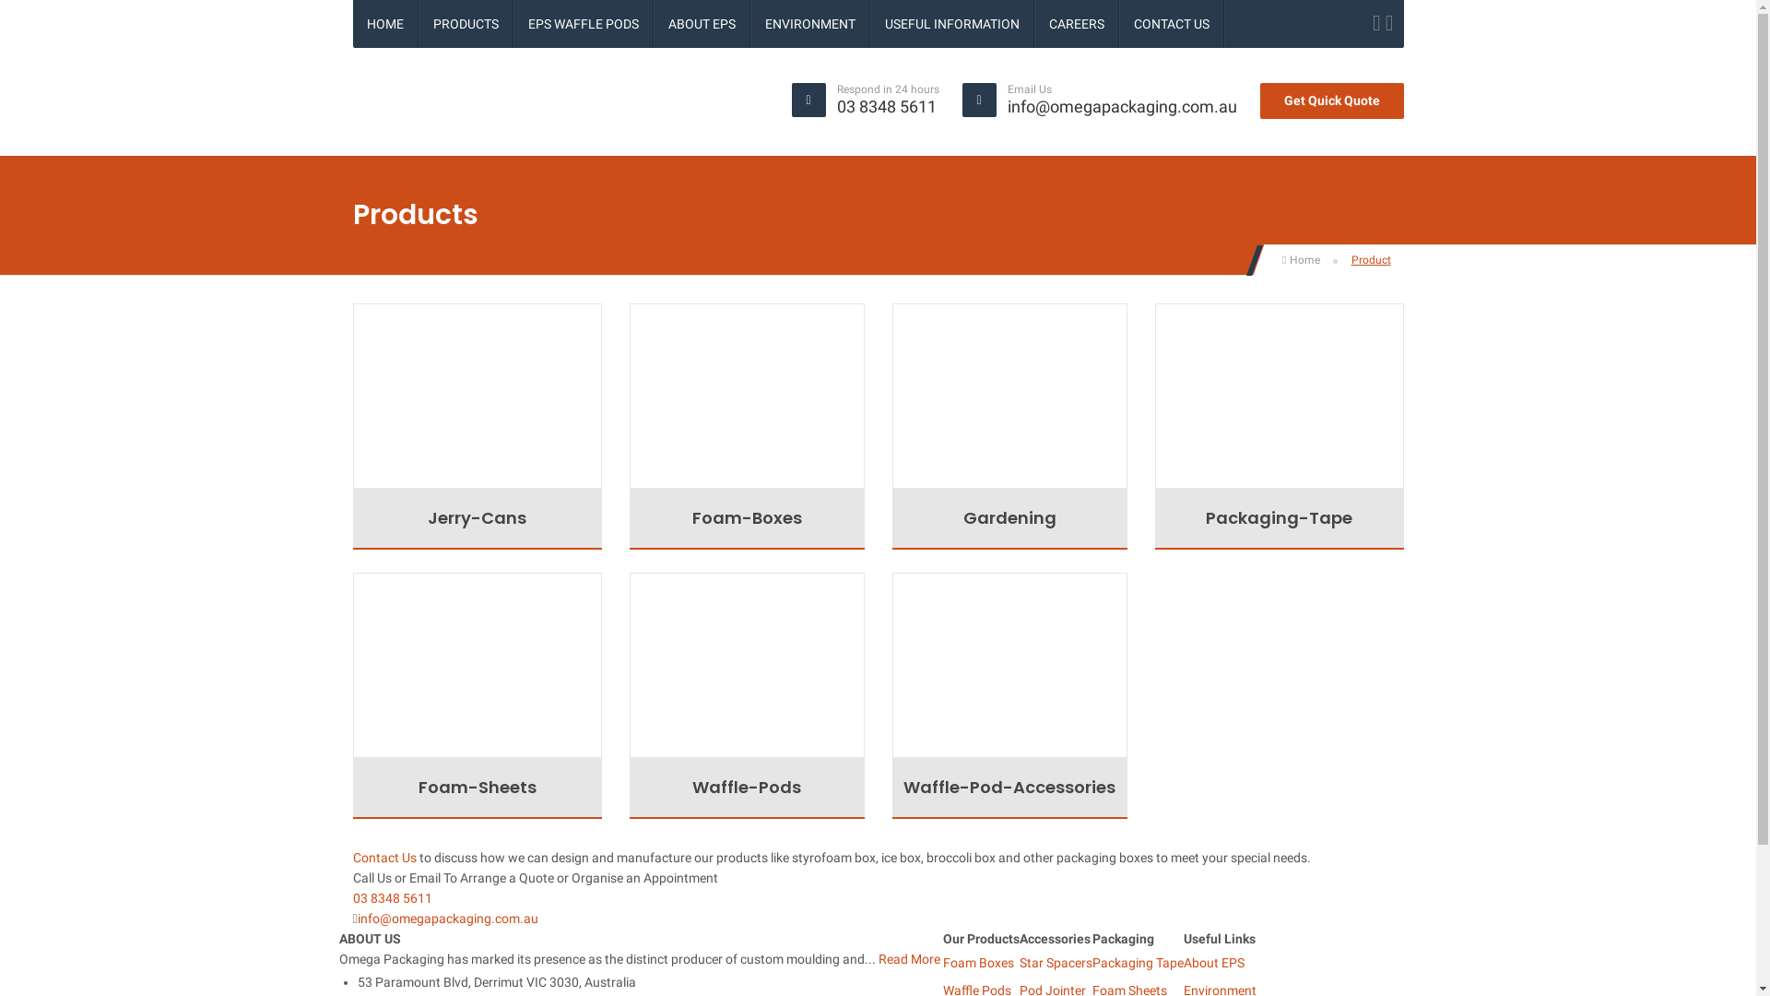 The width and height of the screenshot is (1770, 996). Describe the element at coordinates (976, 962) in the screenshot. I see `'Foam Boxes'` at that location.